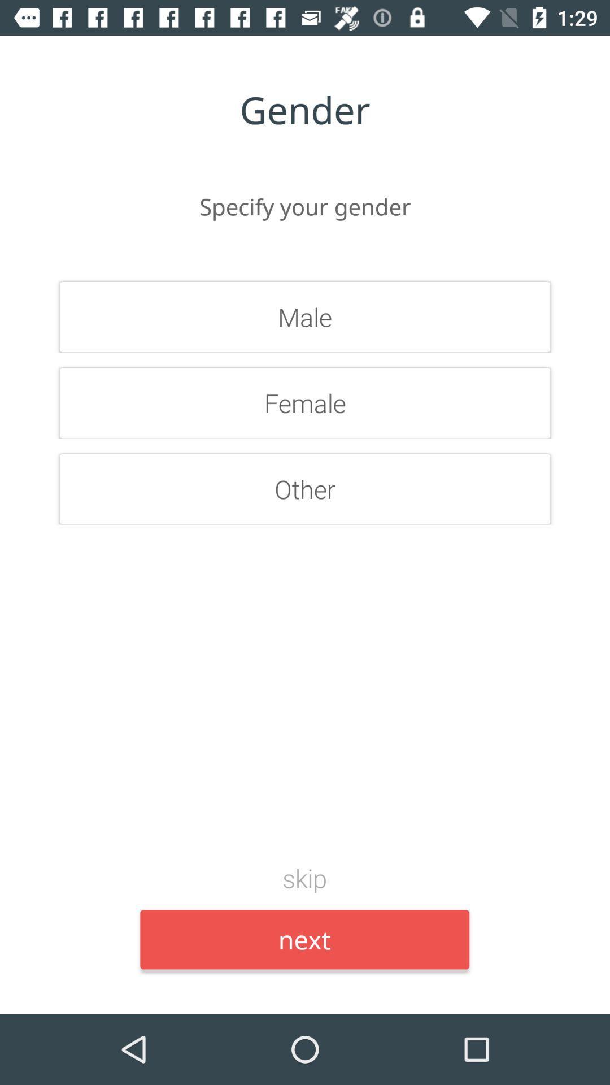 The width and height of the screenshot is (610, 1085). I want to click on icon below the male icon, so click(305, 403).